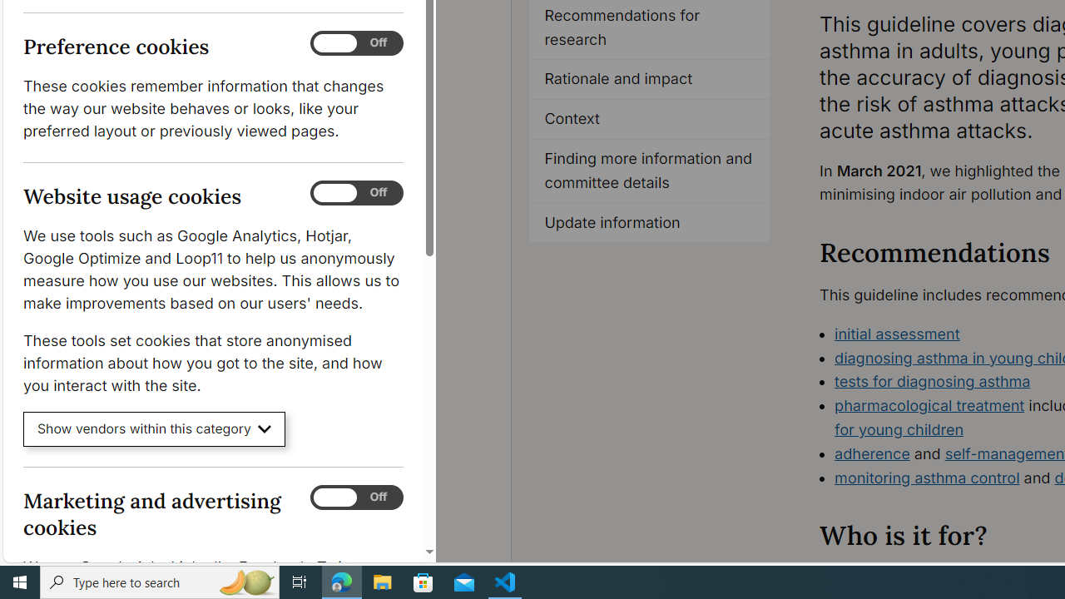 The height and width of the screenshot is (599, 1065). Describe the element at coordinates (871, 453) in the screenshot. I see `'adherence'` at that location.